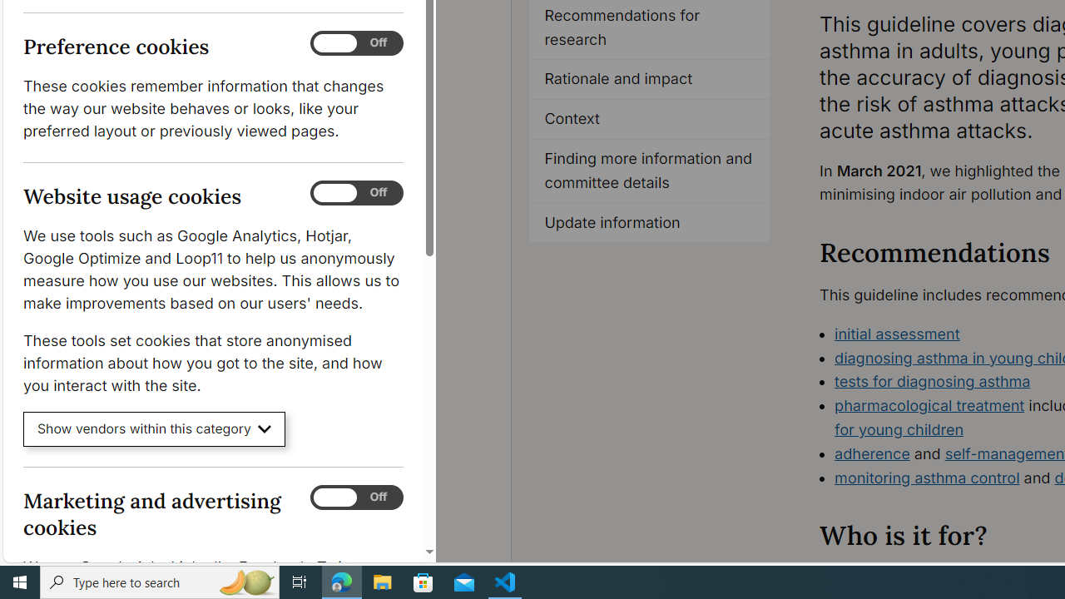 The height and width of the screenshot is (599, 1065). Describe the element at coordinates (871, 453) in the screenshot. I see `'adherence'` at that location.